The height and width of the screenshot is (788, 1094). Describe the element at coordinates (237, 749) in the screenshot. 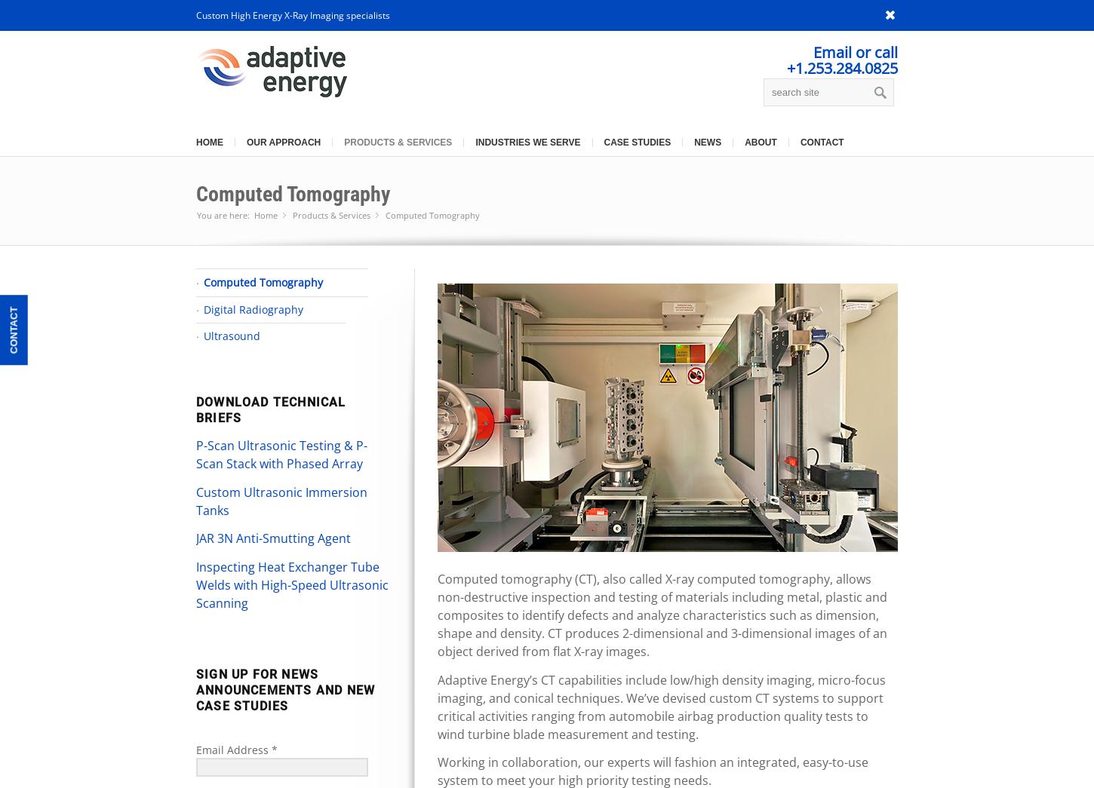

I see `'Email Address *'` at that location.